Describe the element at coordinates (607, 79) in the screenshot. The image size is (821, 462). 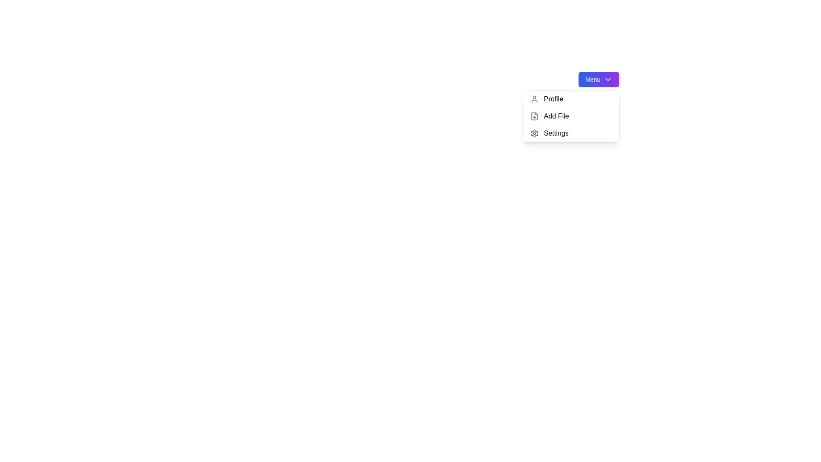
I see `the Chevron Down icon located at the right edge of the 'Menu' button` at that location.